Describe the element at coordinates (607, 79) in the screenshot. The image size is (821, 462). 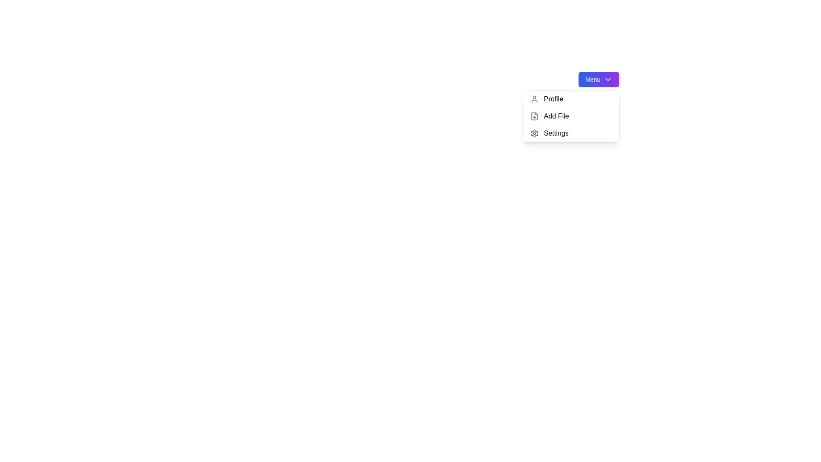
I see `the Chevron Down icon located at the right edge of the 'Menu' button` at that location.